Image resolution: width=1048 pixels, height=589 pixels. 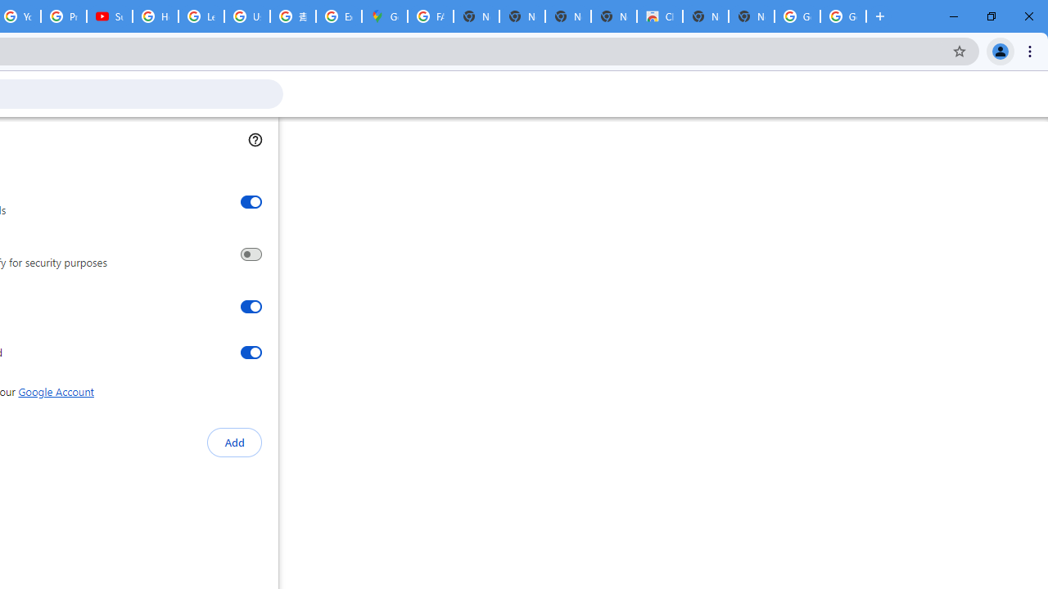 I want to click on 'Google Images', so click(x=797, y=16).